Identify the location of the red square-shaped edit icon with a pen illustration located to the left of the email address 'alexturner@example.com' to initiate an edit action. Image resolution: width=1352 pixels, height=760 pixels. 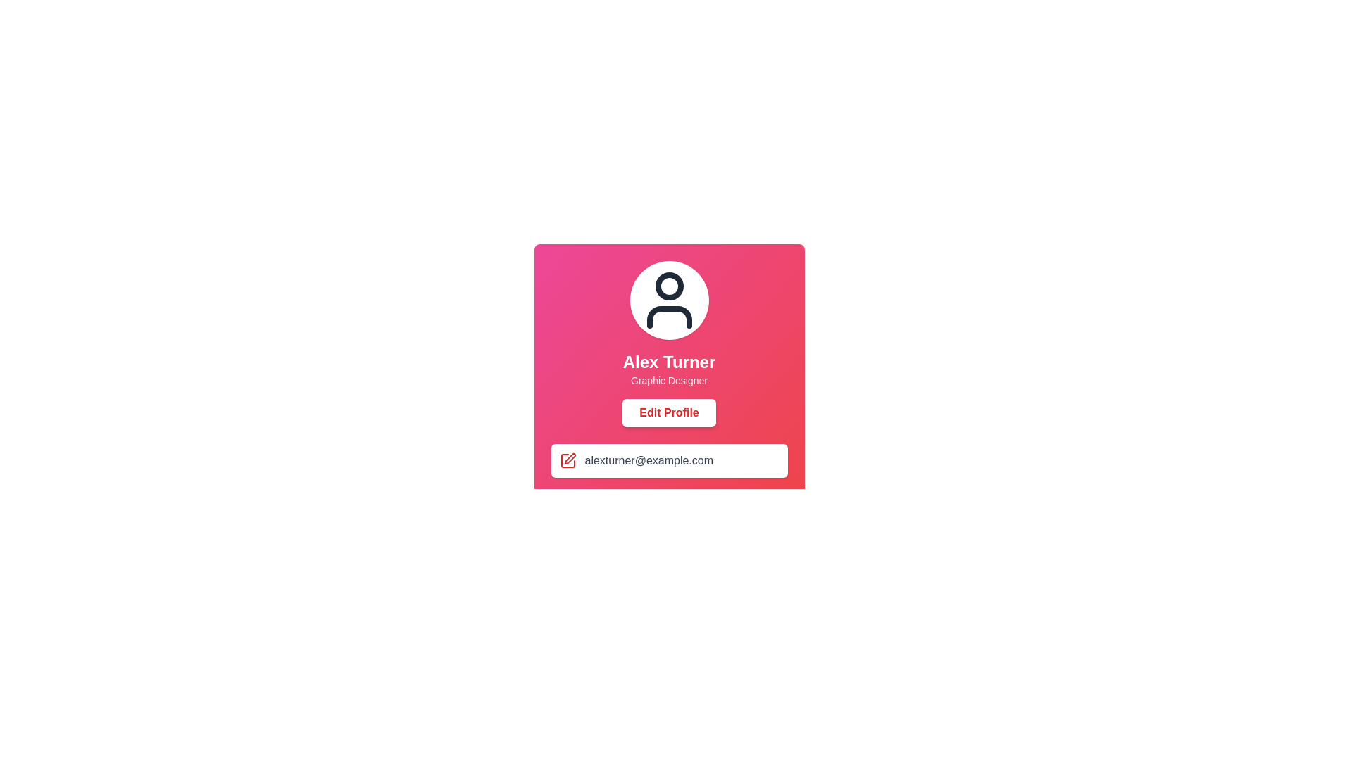
(568, 461).